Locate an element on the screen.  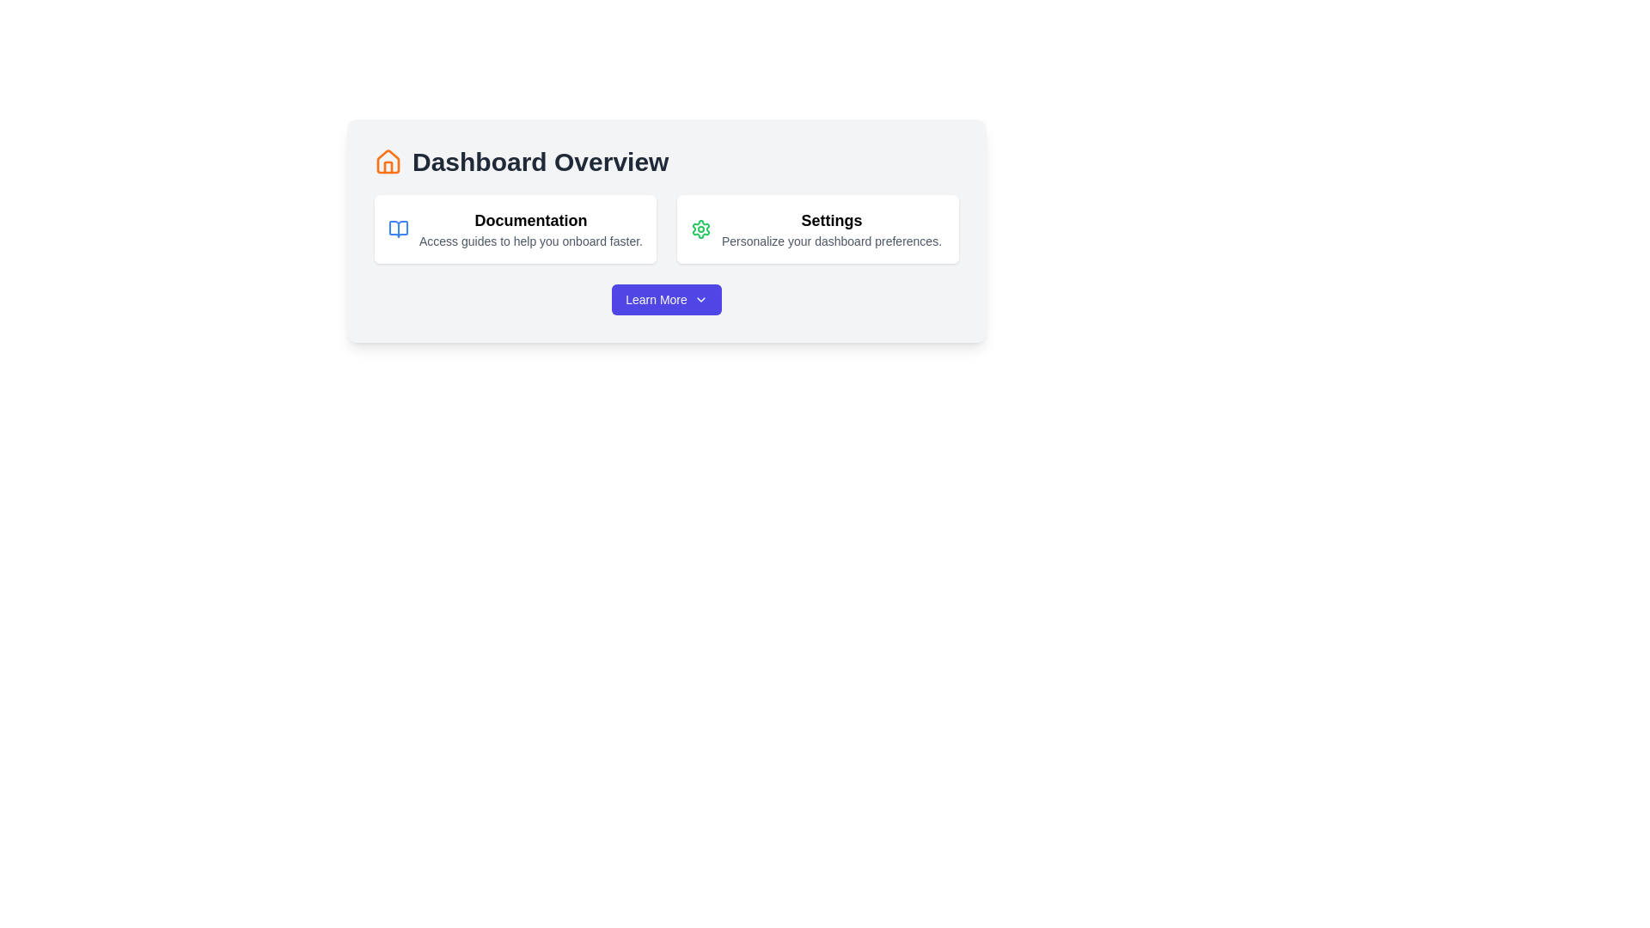
the small downward-pointing chevron icon located within the 'Learn More' button, positioned slightly to the right of the text 'Learn More', to observe any interactive effects is located at coordinates (700, 298).